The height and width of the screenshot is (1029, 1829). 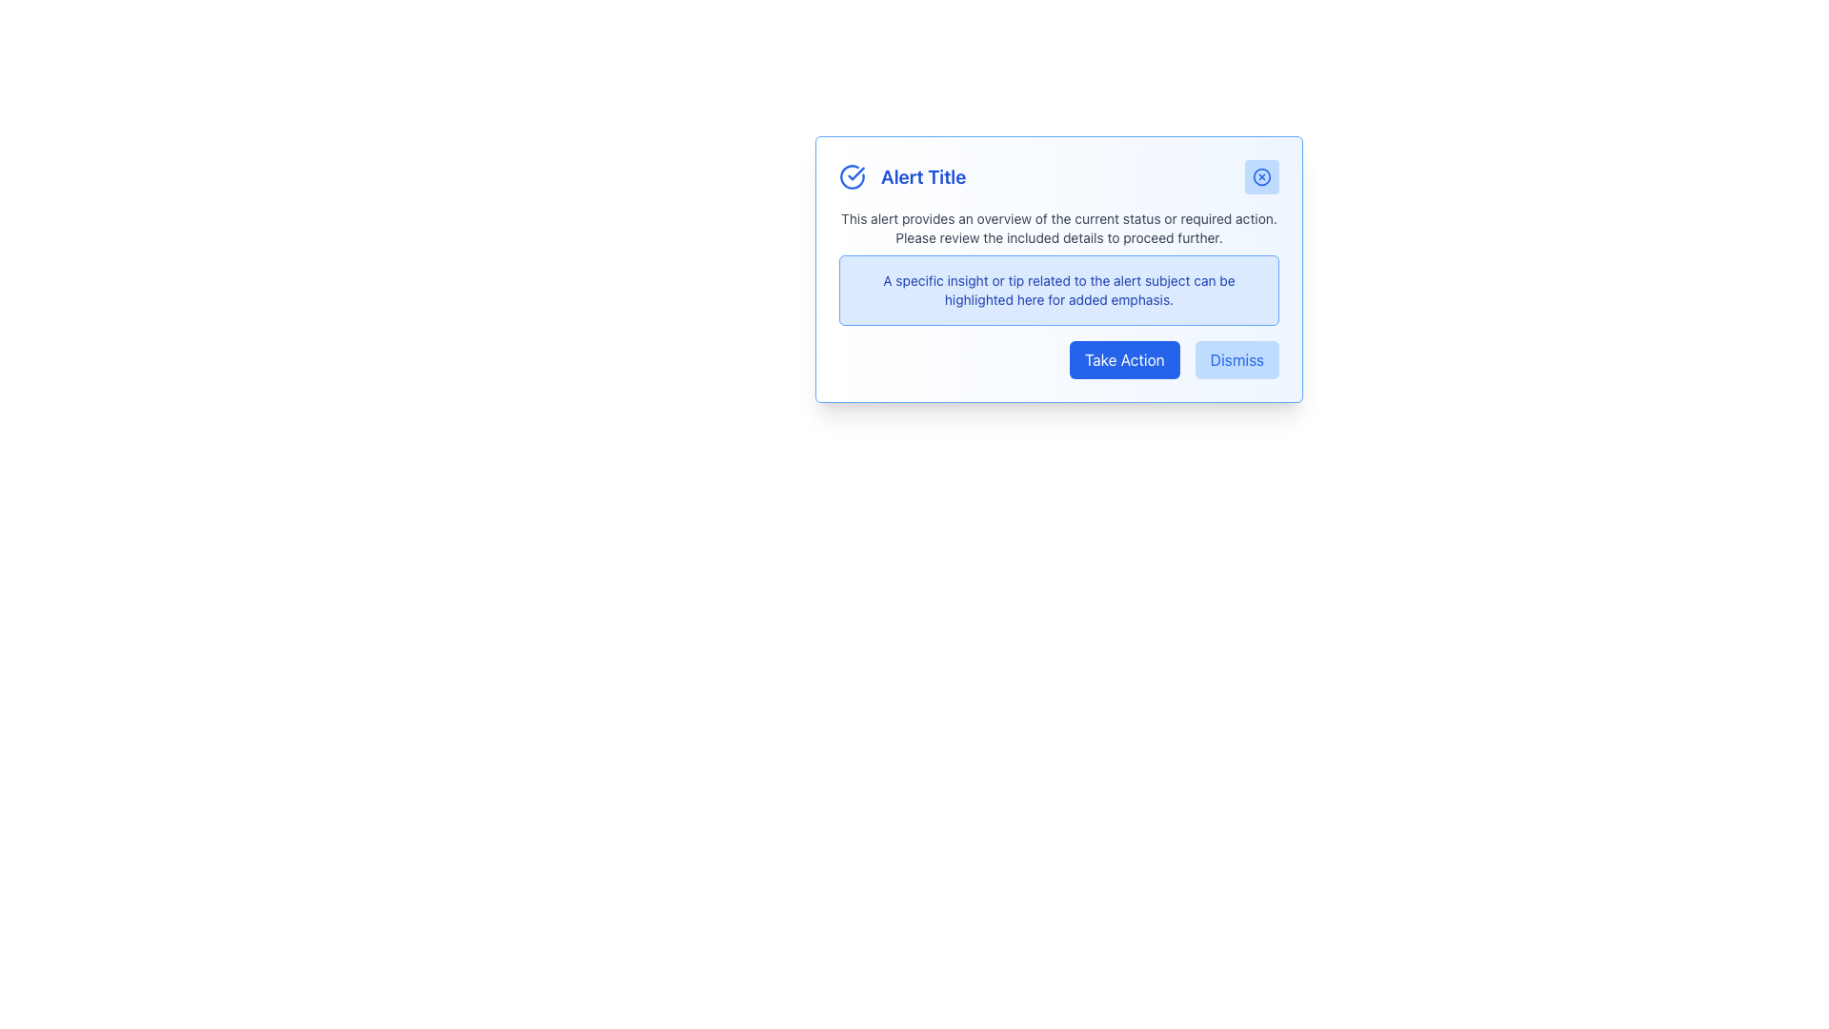 I want to click on the alert title element, which is a composite of text and an icon, located at the top-left side of the overlay panel, so click(x=901, y=176).